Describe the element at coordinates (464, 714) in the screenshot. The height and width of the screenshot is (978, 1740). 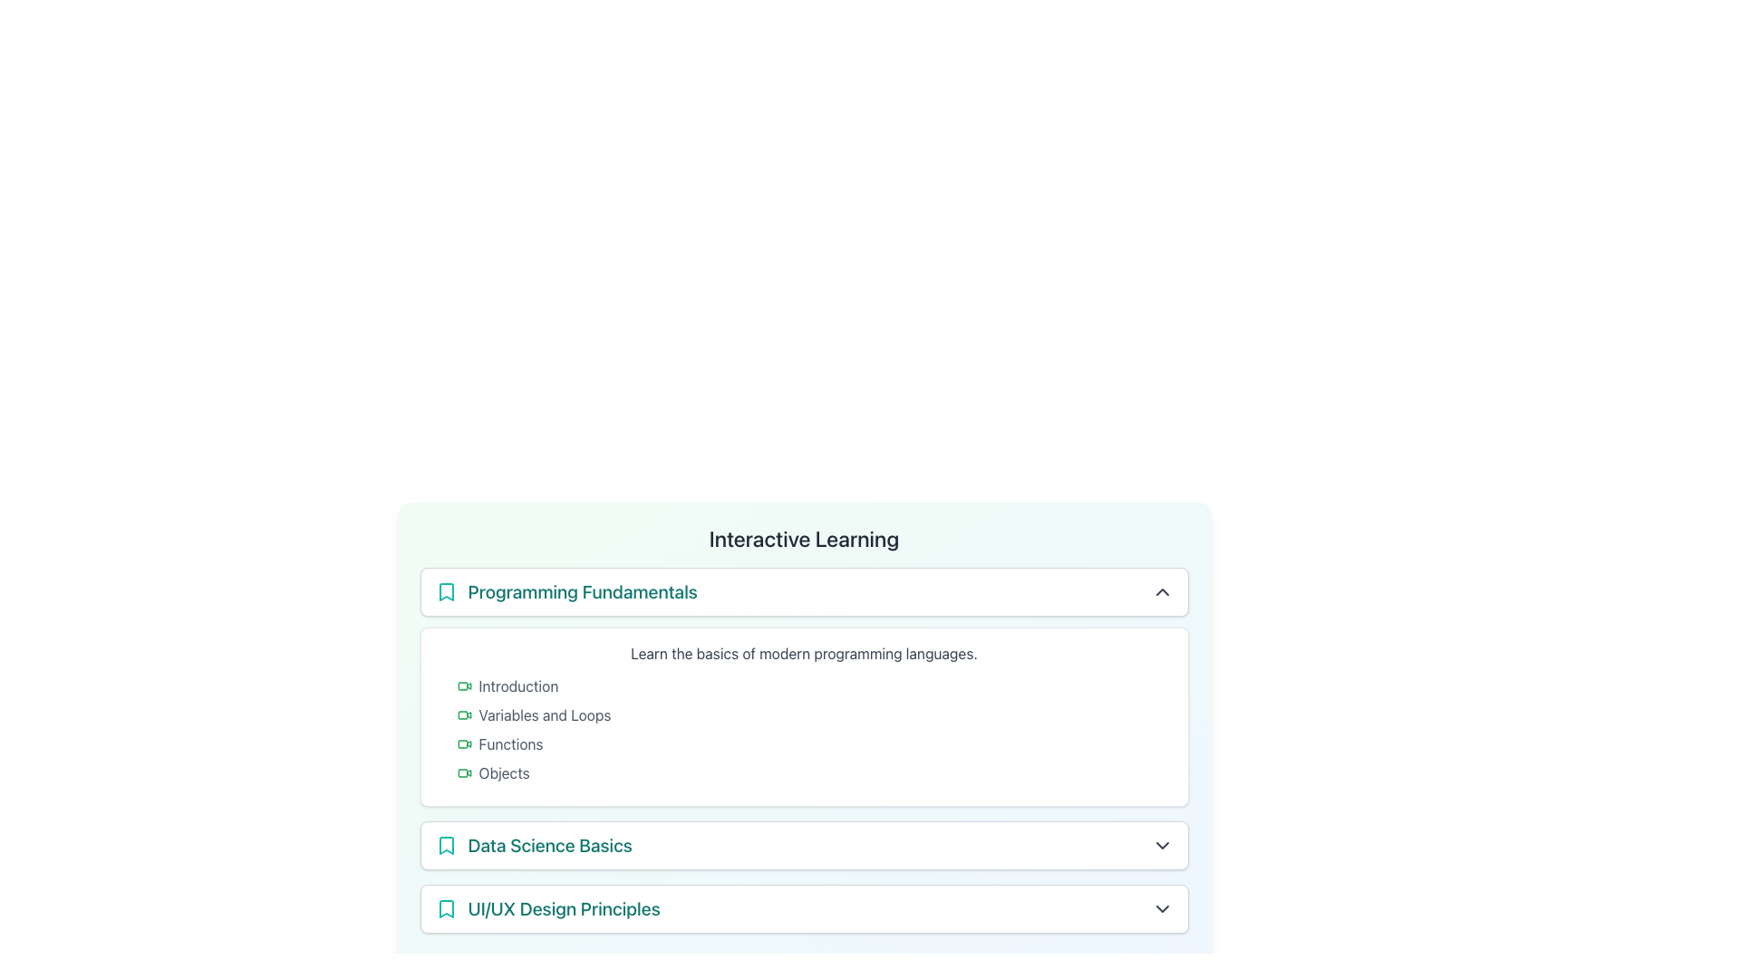
I see `the video camera icon with a green stroke located to the left of the 'Variables and Loops' text in the 'Programming Fundamentals' section` at that location.